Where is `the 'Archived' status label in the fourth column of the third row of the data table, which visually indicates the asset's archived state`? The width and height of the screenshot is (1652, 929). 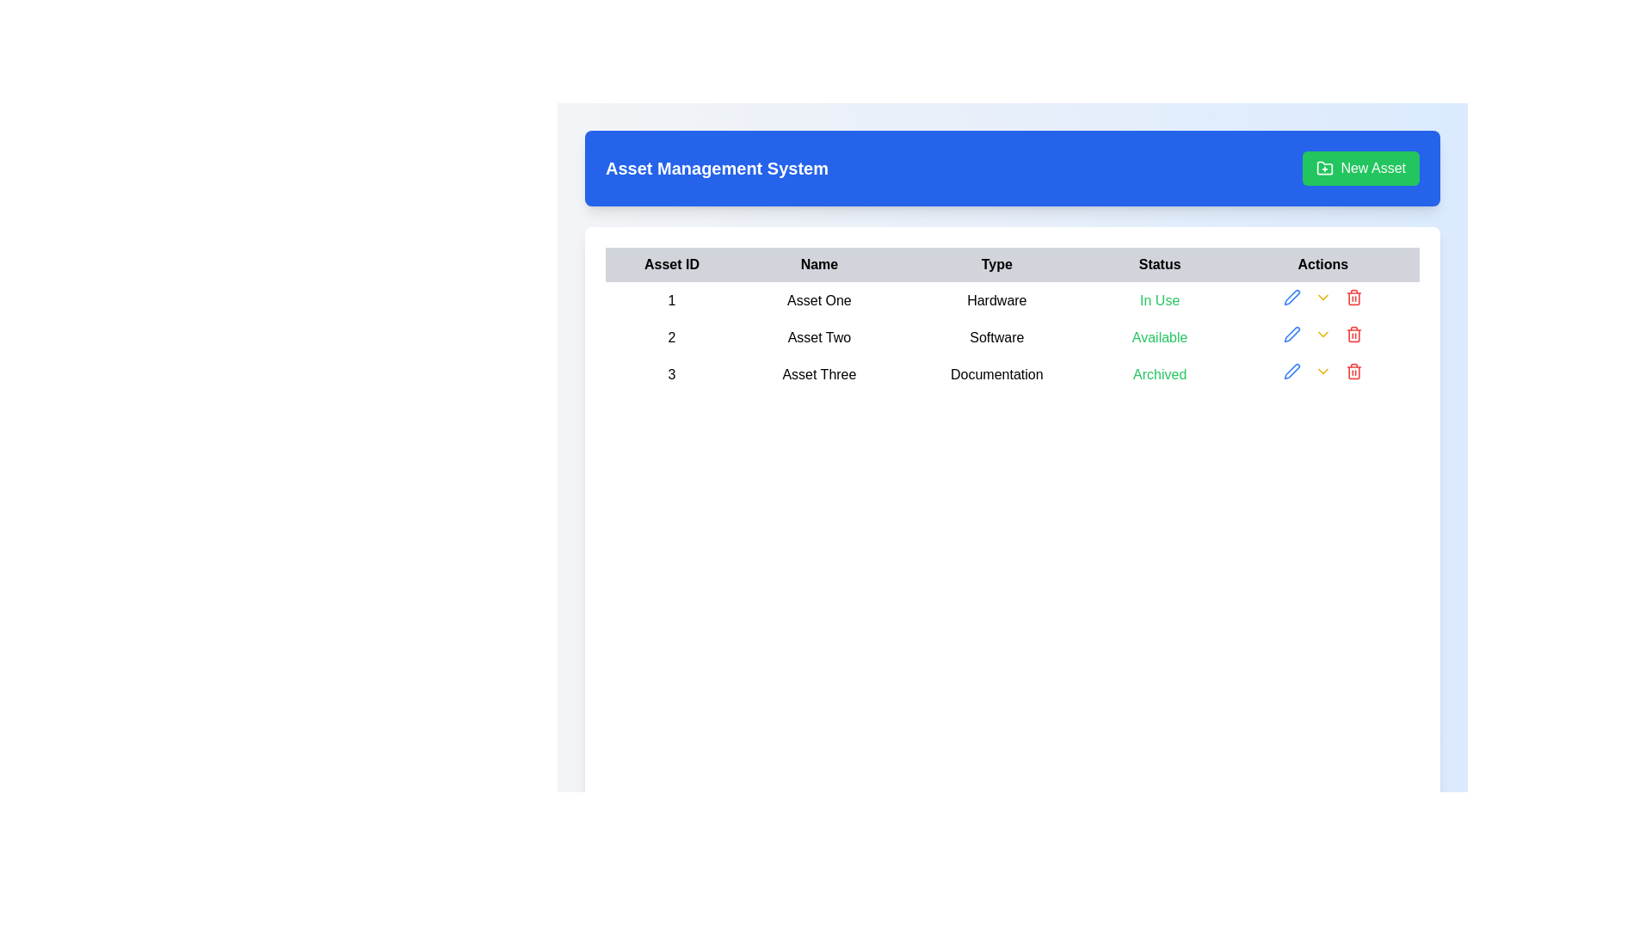
the 'Archived' status label in the fourth column of the third row of the data table, which visually indicates the asset's archived state is located at coordinates (1160, 373).